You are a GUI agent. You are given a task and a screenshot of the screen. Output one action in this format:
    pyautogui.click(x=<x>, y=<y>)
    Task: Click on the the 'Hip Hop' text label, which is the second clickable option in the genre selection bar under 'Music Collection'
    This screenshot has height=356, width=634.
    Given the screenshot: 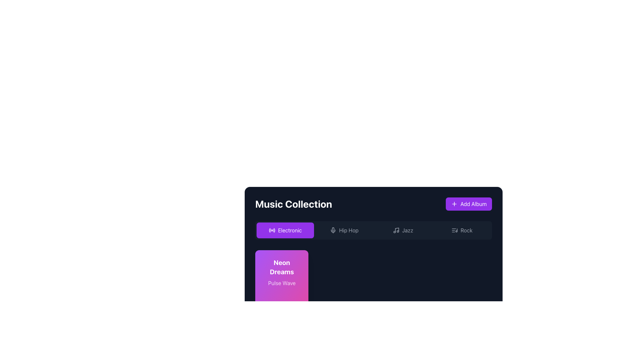 What is the action you would take?
    pyautogui.click(x=348, y=230)
    